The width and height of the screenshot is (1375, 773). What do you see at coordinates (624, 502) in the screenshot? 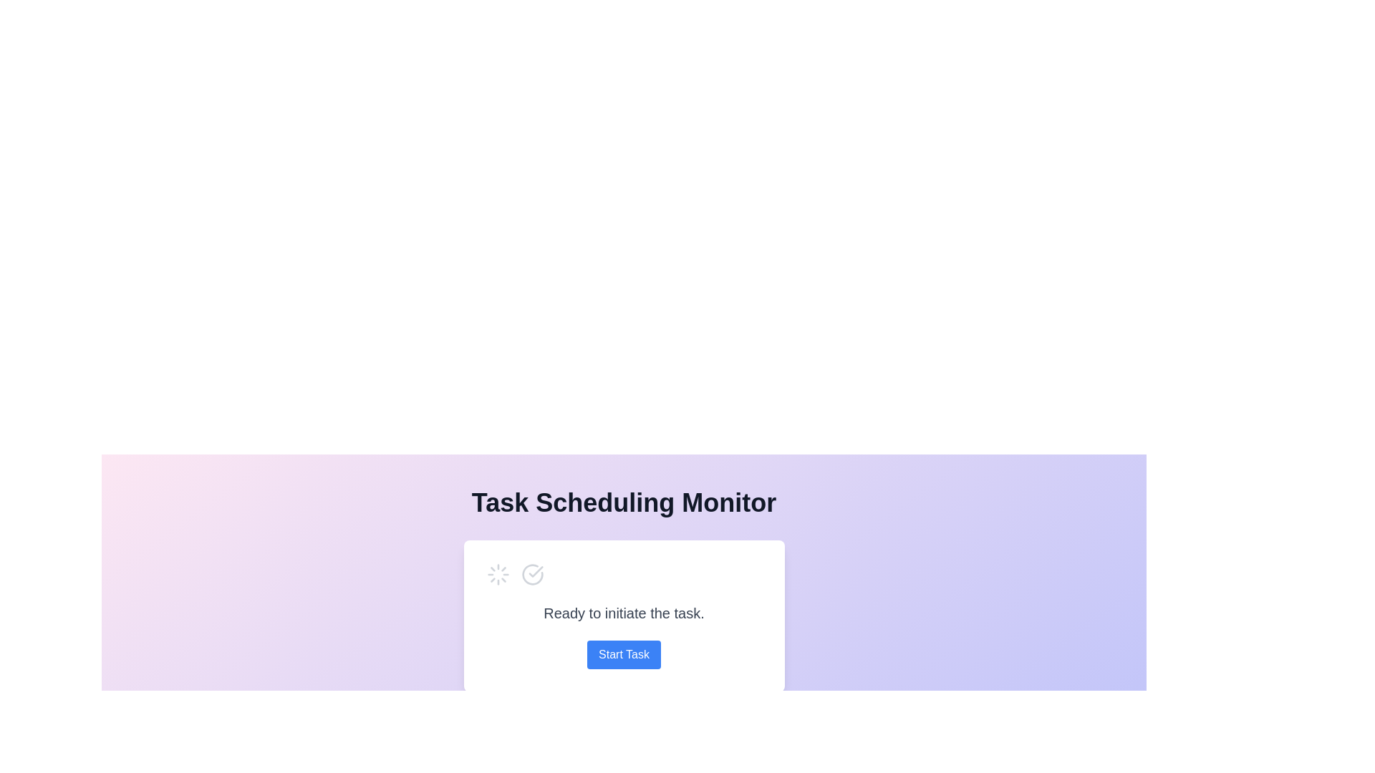
I see `the Text label/header that serves as the title for the task scheduling monitor, located at the top of the content section` at bounding box center [624, 502].